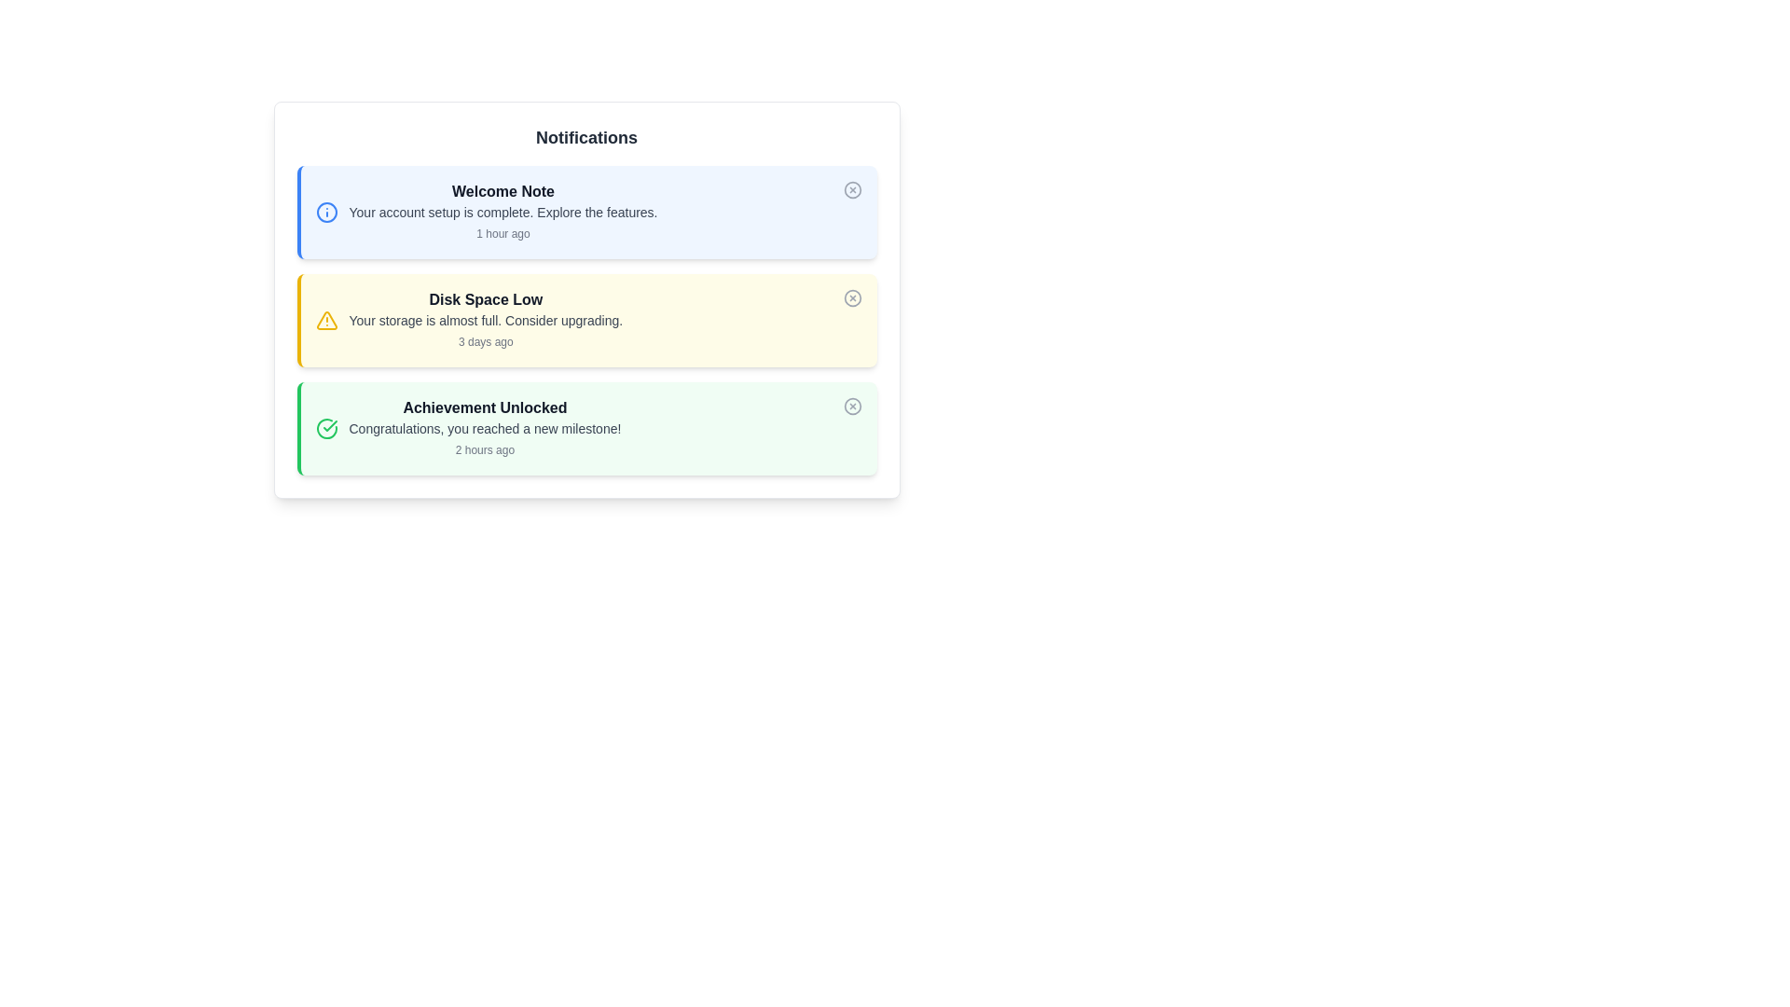 The width and height of the screenshot is (1790, 1007). What do you see at coordinates (486, 298) in the screenshot?
I see `the text label displaying 'Disk Space Low', which is the title of the second notification card in a vertically stacked list of notification cards` at bounding box center [486, 298].